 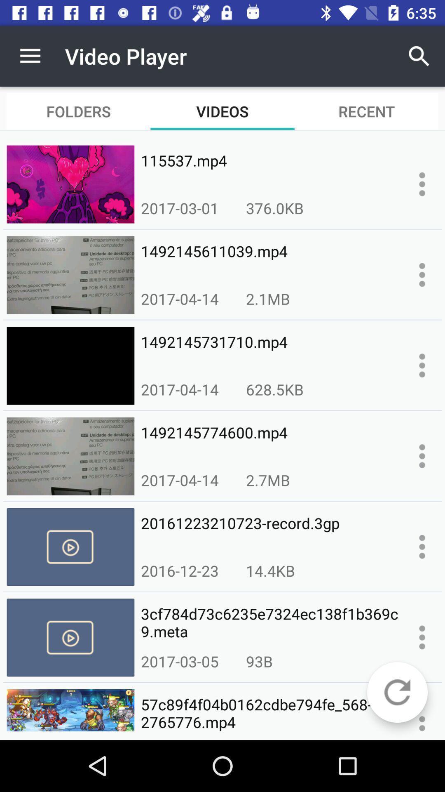 What do you see at coordinates (422, 455) in the screenshot?
I see `information about the video` at bounding box center [422, 455].